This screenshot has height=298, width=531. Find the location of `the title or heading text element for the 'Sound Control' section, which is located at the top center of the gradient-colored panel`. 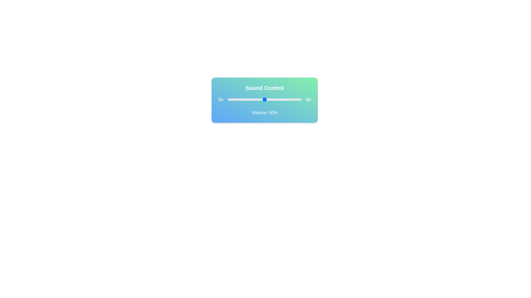

the title or heading text element for the 'Sound Control' section, which is located at the top center of the gradient-colored panel is located at coordinates (264, 88).